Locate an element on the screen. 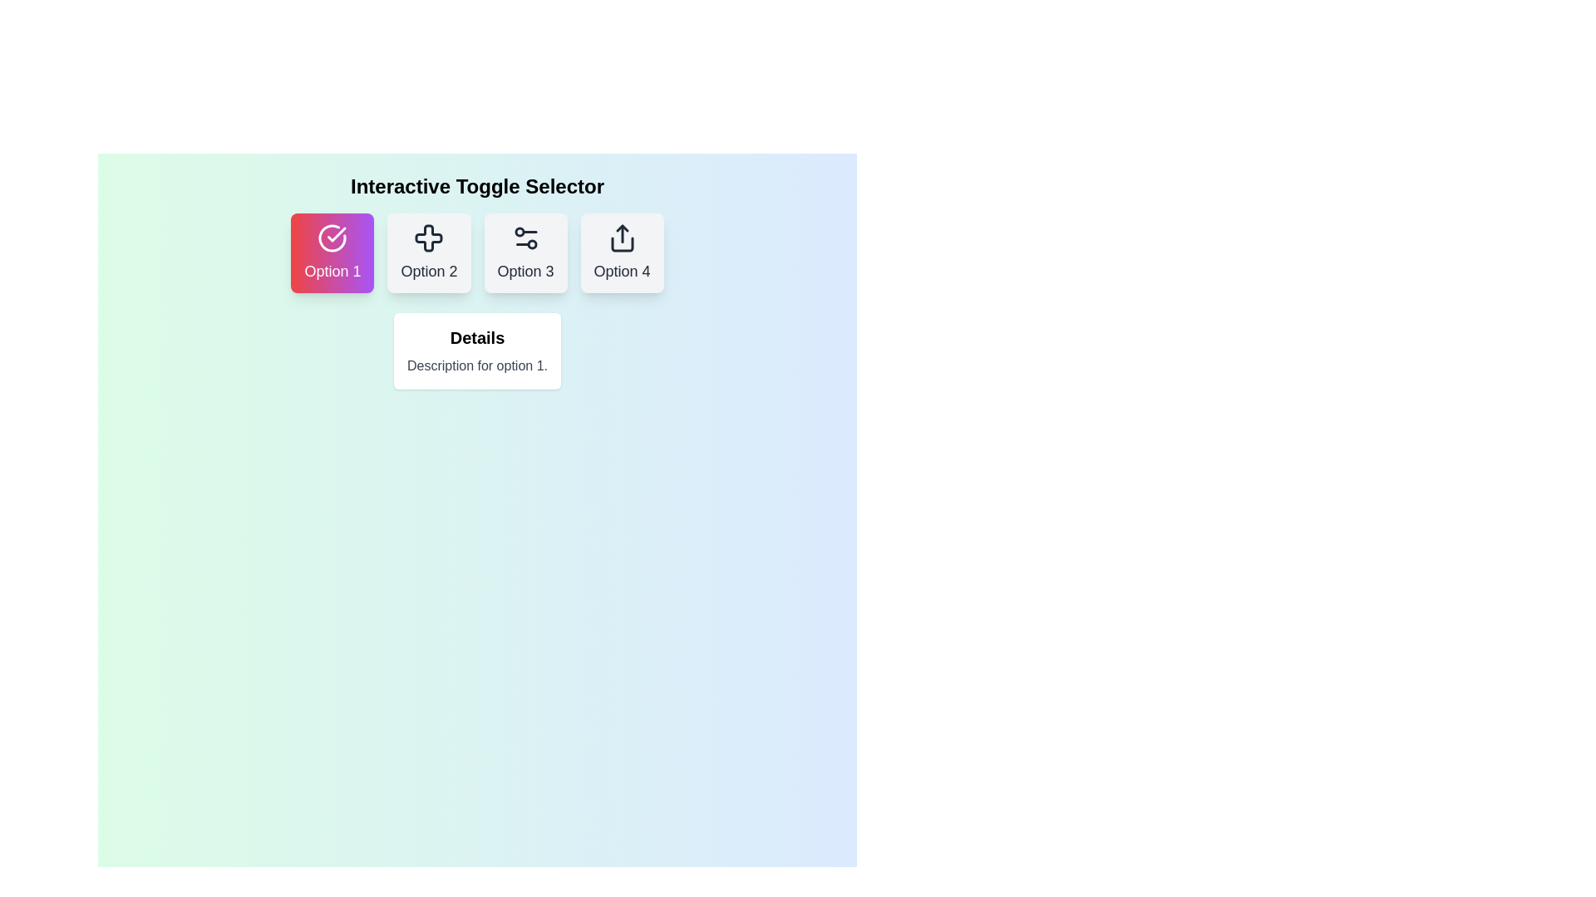 This screenshot has height=897, width=1596. the button corresponding to Option 1 to display its description is located at coordinates (332, 252).